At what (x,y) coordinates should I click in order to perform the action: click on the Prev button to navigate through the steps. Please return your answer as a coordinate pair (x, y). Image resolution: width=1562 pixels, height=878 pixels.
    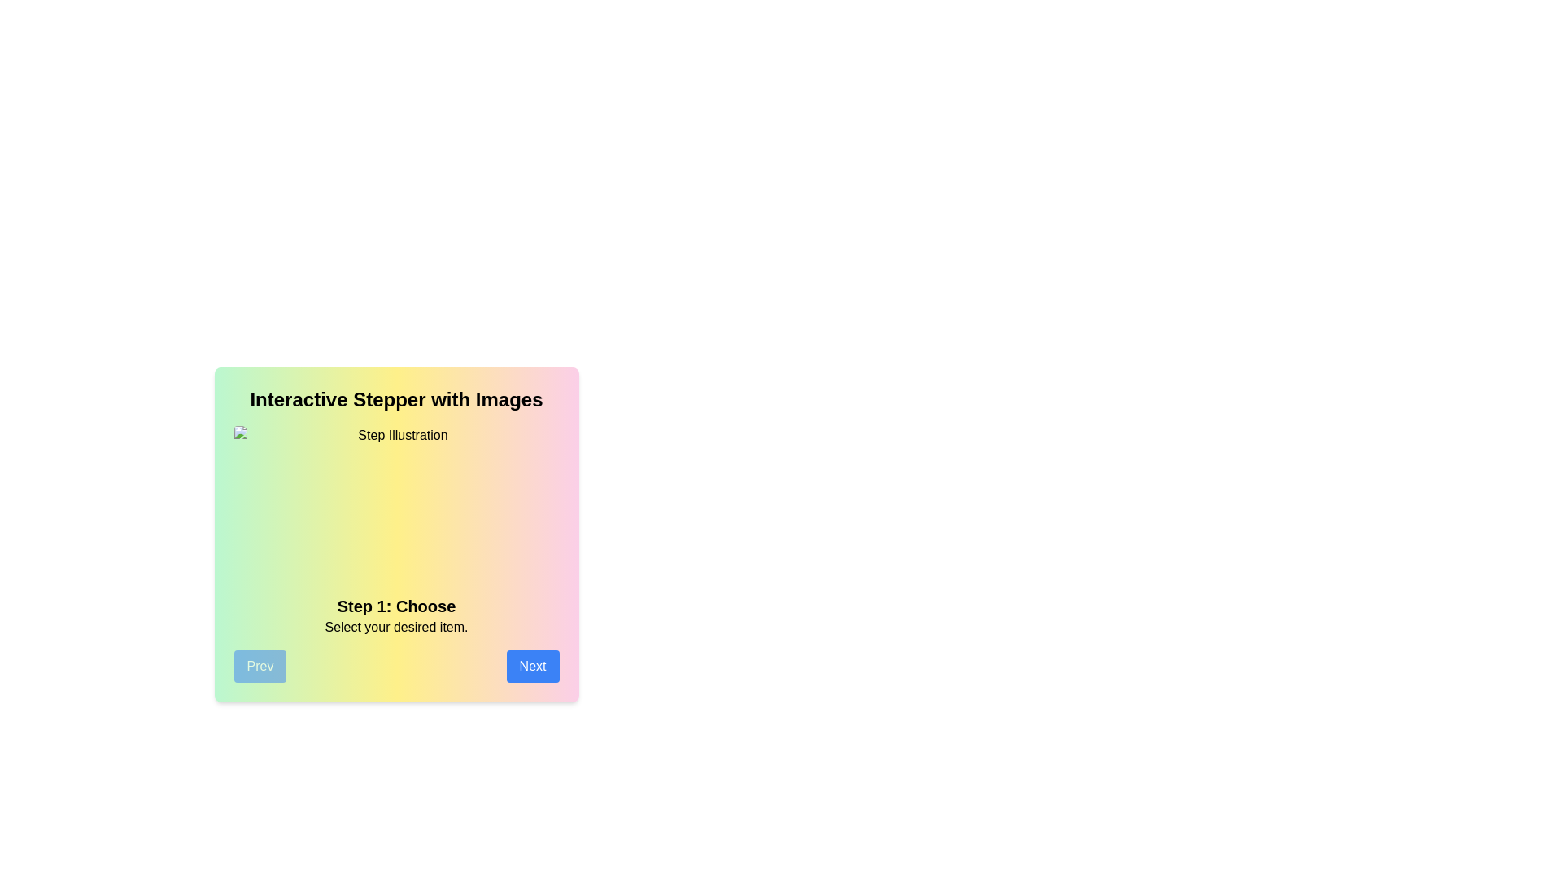
    Looking at the image, I should click on (259, 667).